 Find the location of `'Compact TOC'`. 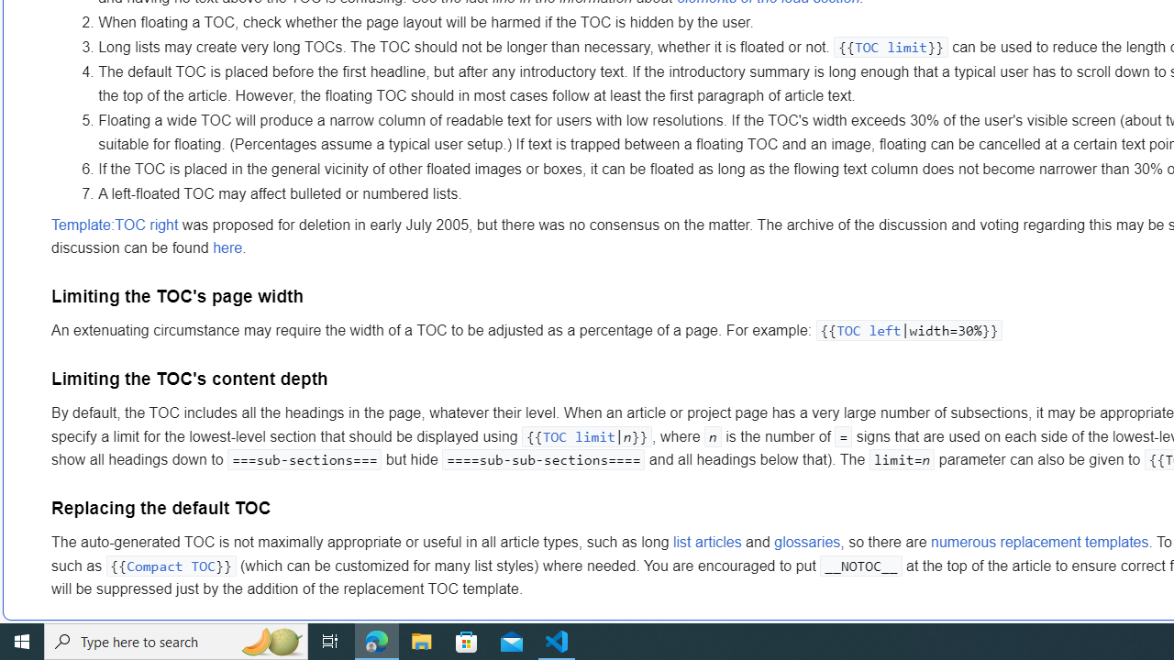

'Compact TOC' is located at coordinates (171, 565).